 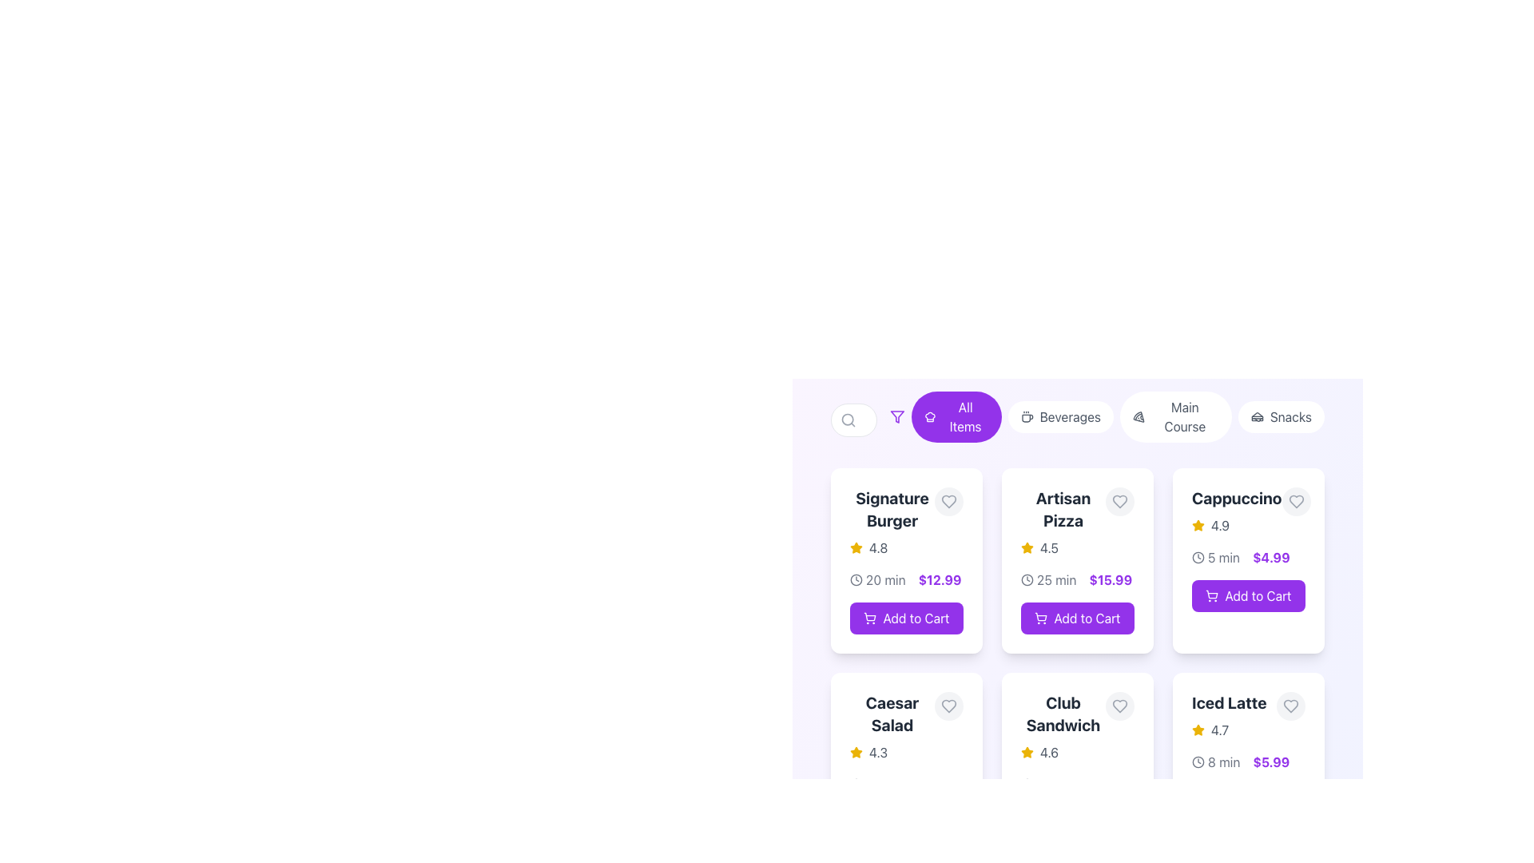 I want to click on the displayed information of the text display element titled 'Artisan Pizza' with a rating of '4.5' and a yellow star icon, so click(x=1077, y=523).